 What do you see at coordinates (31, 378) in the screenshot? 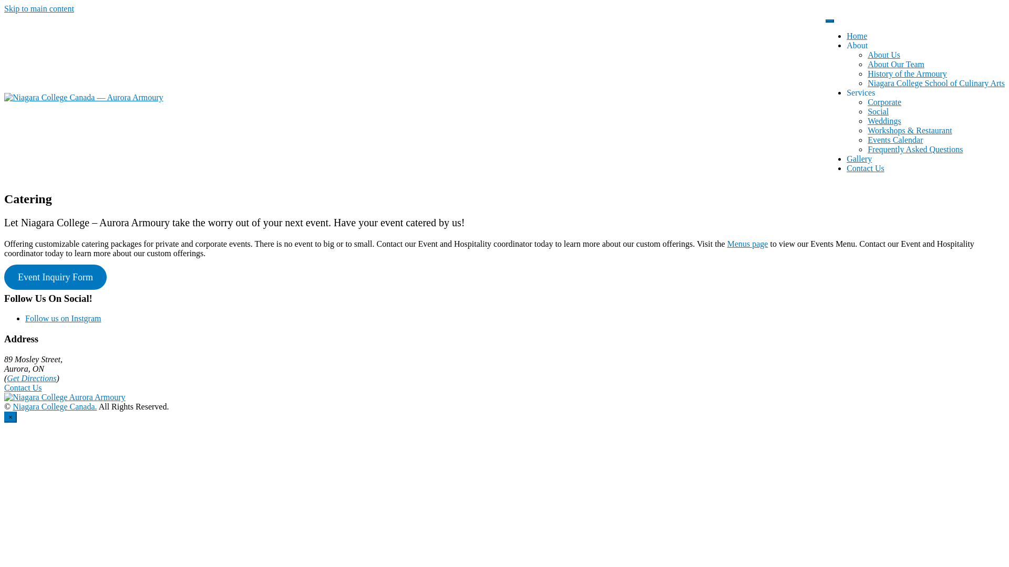
I see `'Get Directions'` at bounding box center [31, 378].